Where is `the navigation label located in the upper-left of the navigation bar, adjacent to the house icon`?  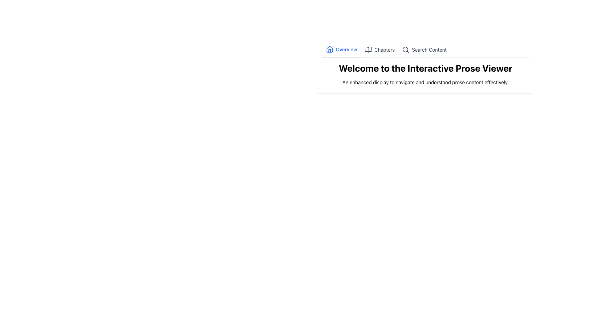 the navigation label located in the upper-left of the navigation bar, adjacent to the house icon is located at coordinates (346, 49).